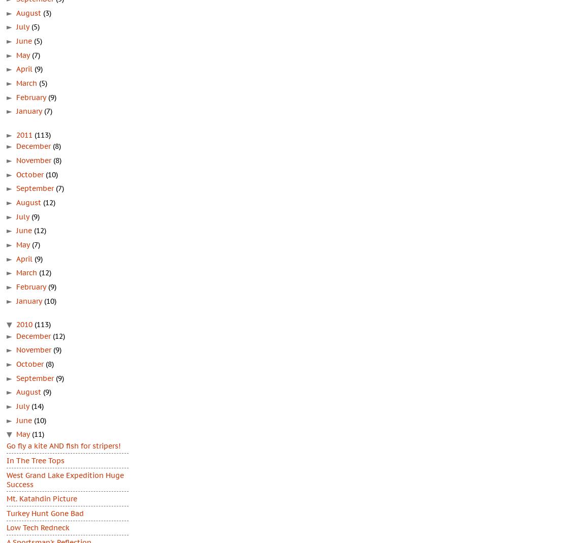  I want to click on '(3)', so click(47, 12).